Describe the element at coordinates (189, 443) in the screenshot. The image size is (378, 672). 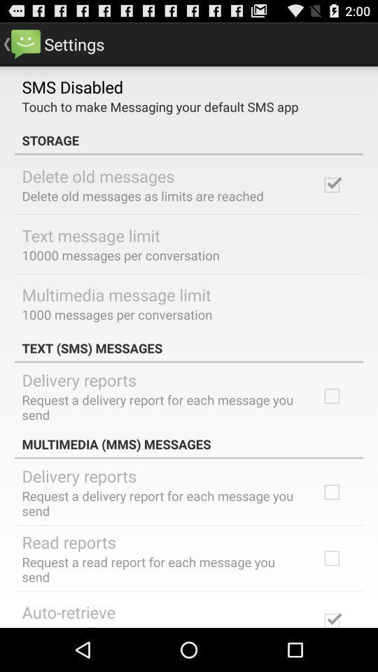
I see `multimedia (mms) messages app` at that location.